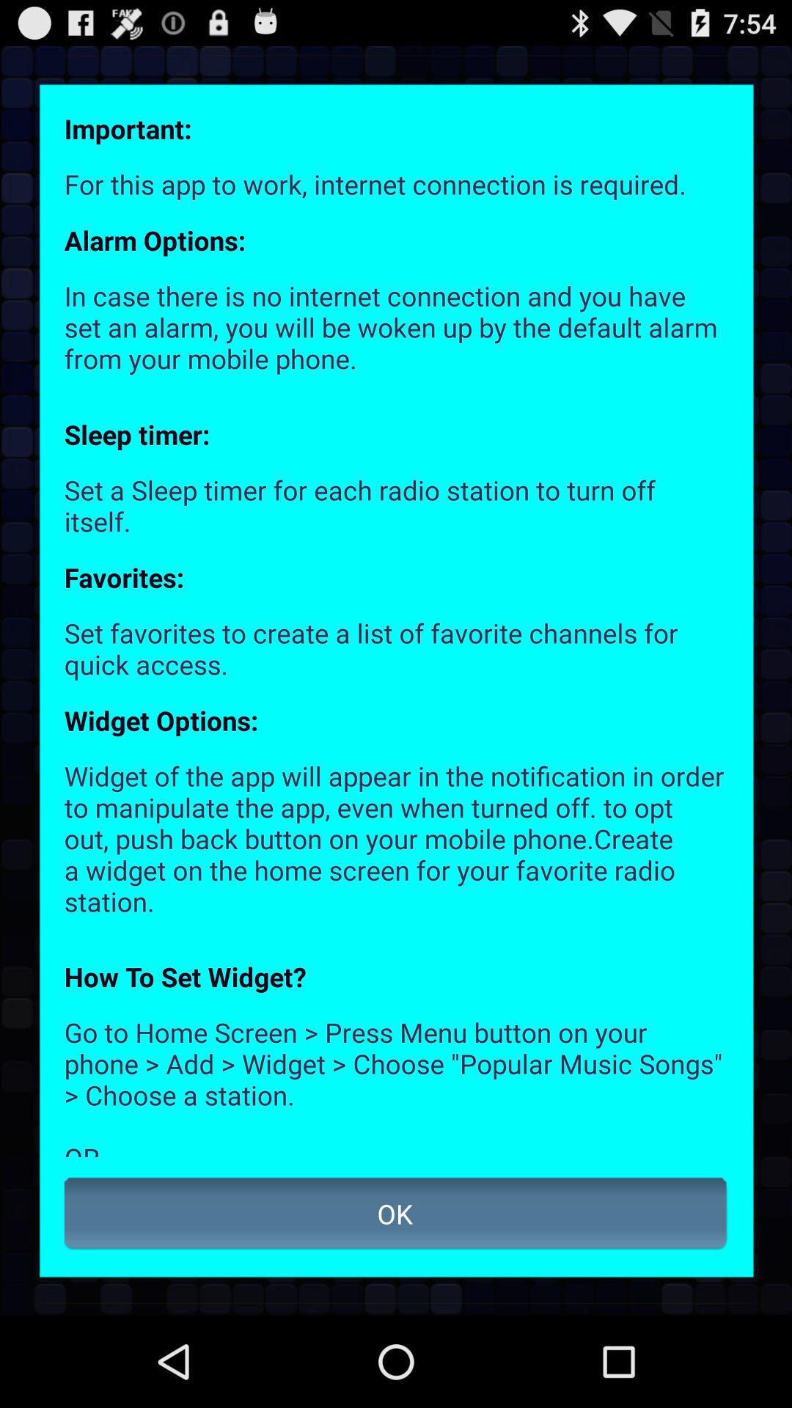 The width and height of the screenshot is (792, 1408). I want to click on ok button, so click(396, 1214).